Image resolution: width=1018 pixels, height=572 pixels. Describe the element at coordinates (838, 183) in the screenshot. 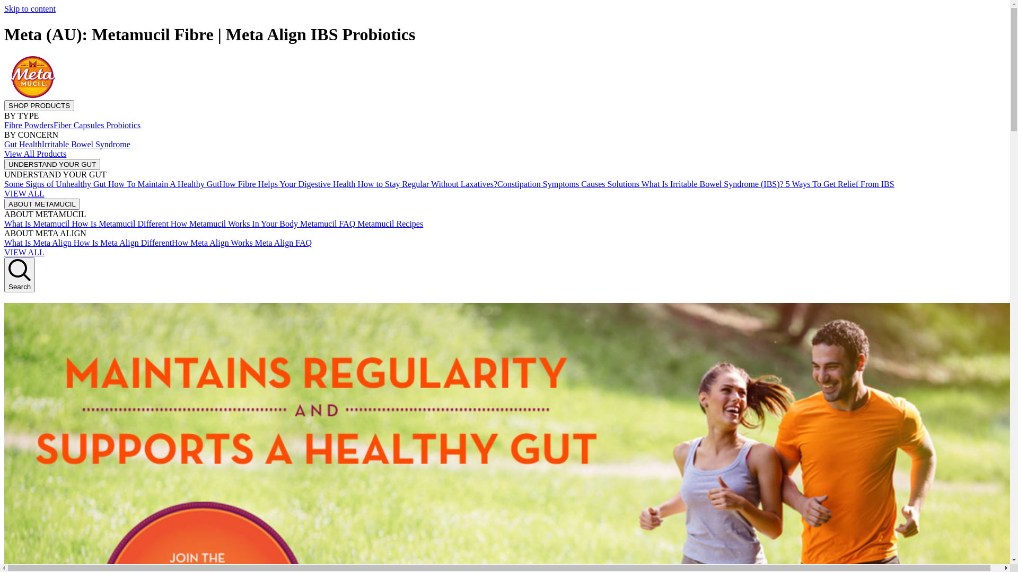

I see `'5 Ways To Get Relief From IBS'` at that location.